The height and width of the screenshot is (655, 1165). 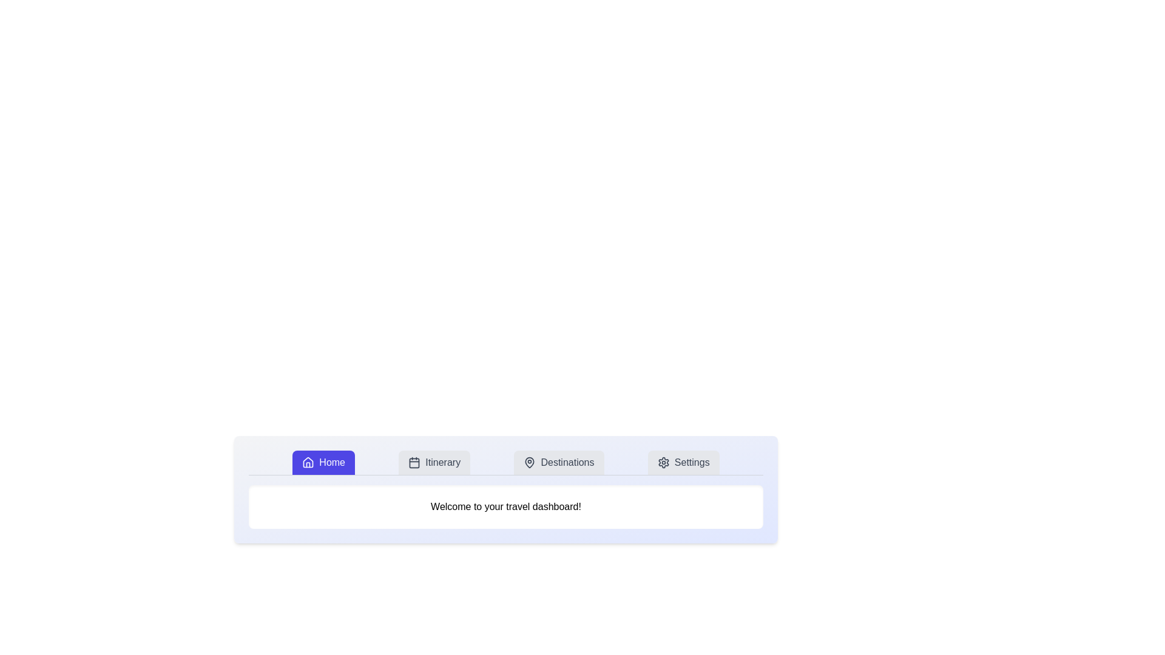 What do you see at coordinates (567, 463) in the screenshot?
I see `the 'Destinations' text label within the button located in the menu bar` at bounding box center [567, 463].